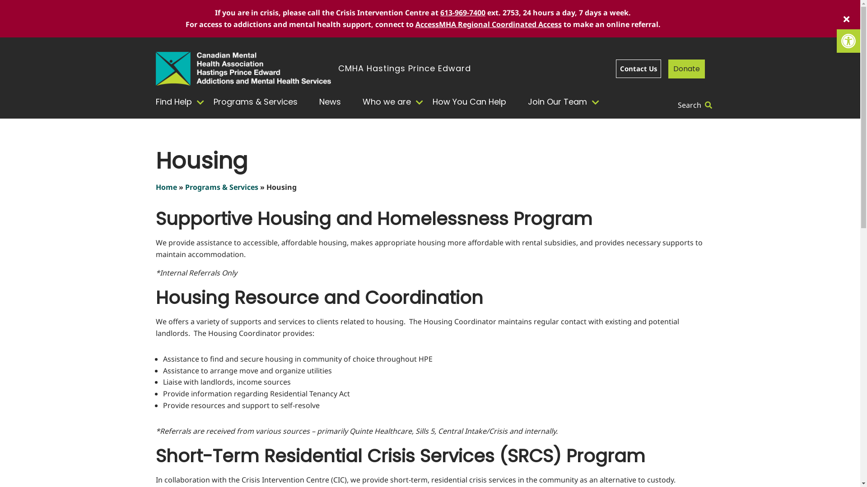  Describe the element at coordinates (848, 41) in the screenshot. I see `'Open toolbar` at that location.